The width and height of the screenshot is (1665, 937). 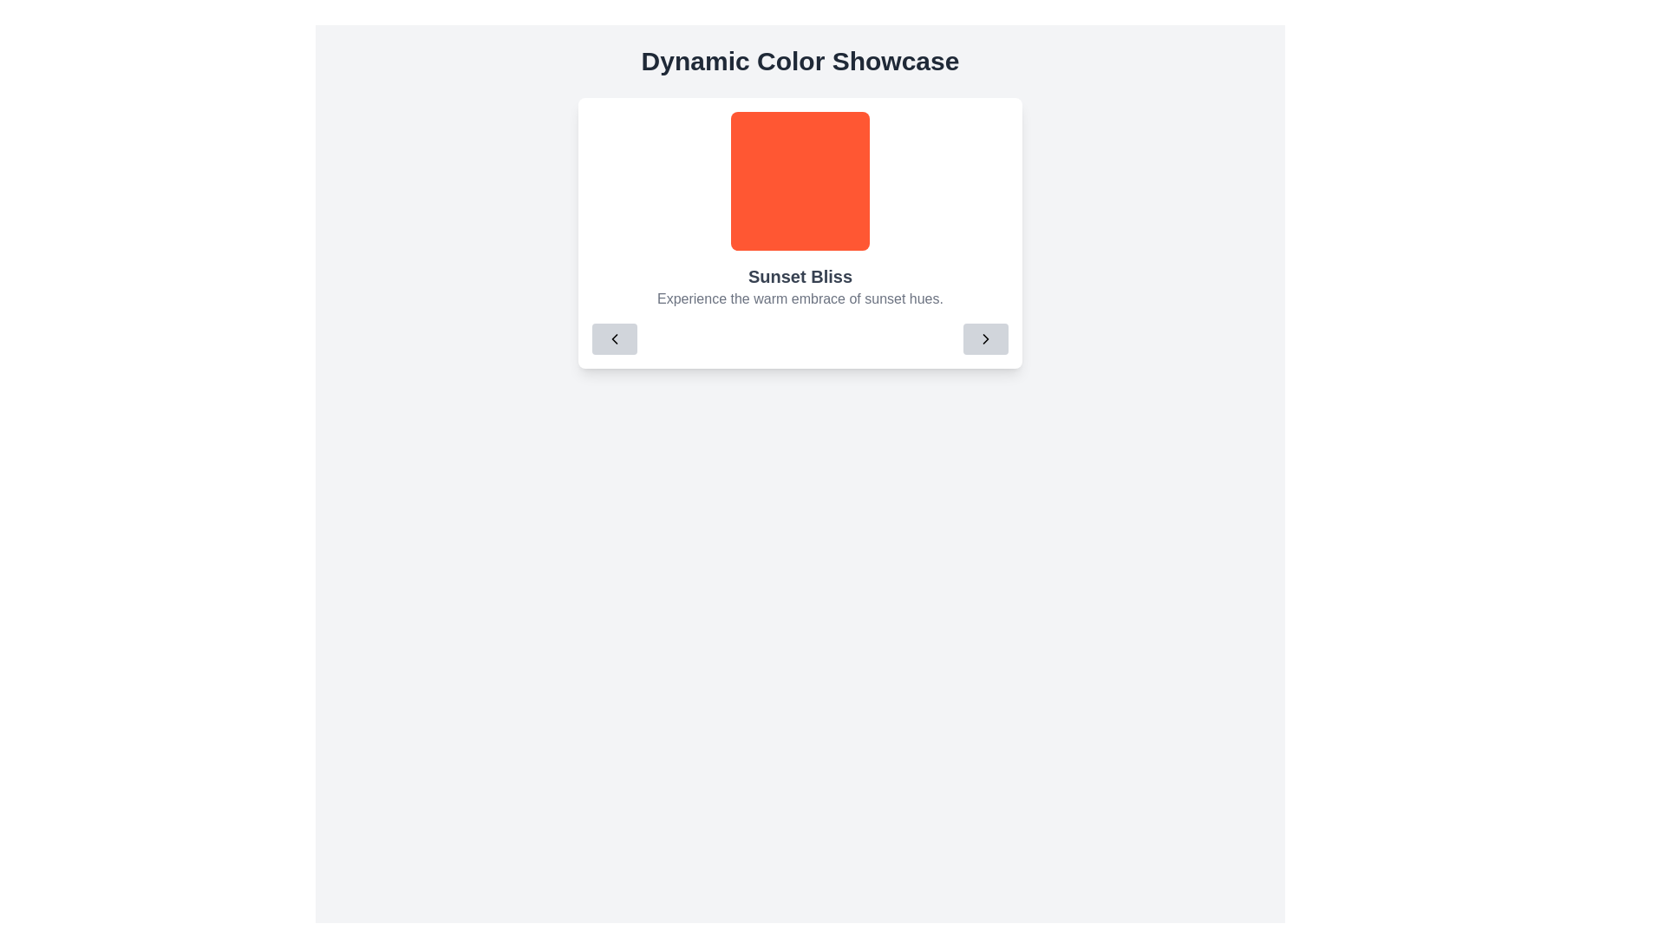 I want to click on the button with a light gray background that darkens on hover, located in the bottom right of the card, so click(x=986, y=338).